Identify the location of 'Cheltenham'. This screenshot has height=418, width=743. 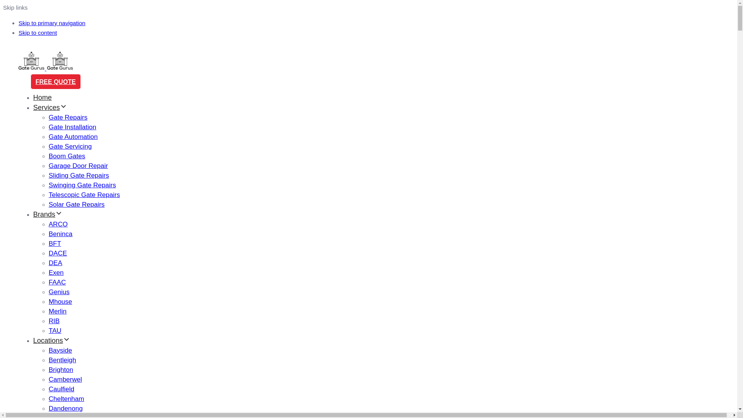
(48, 399).